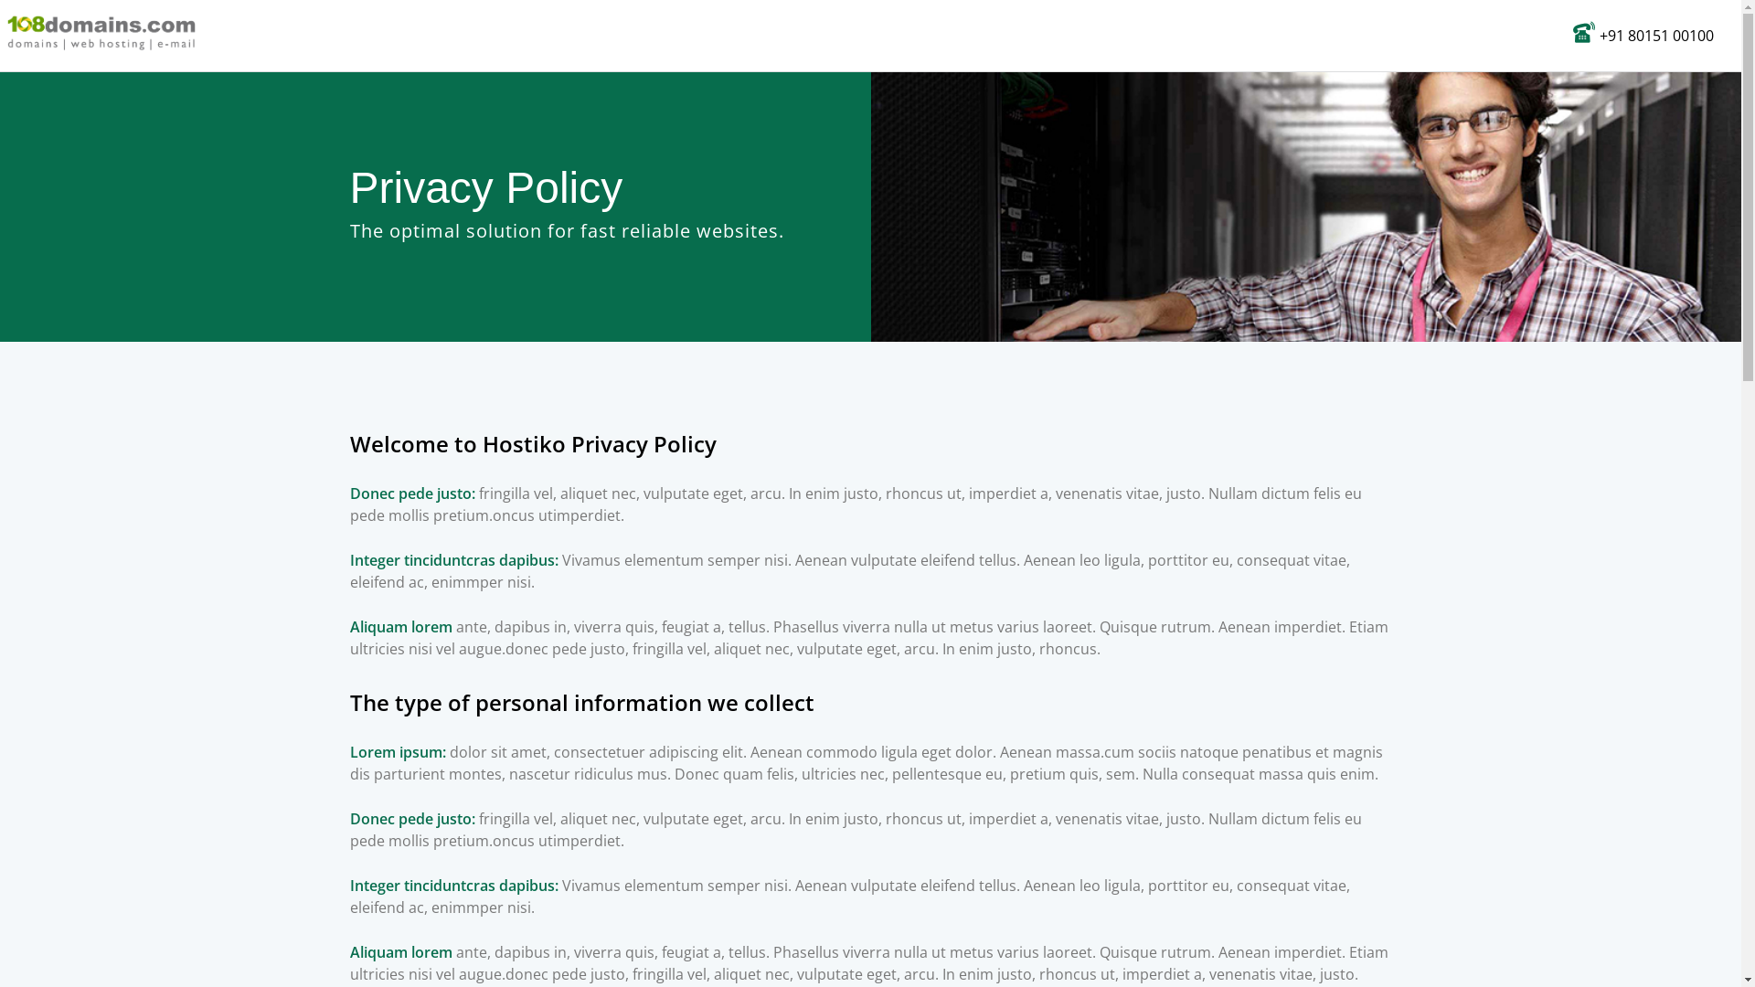 The height and width of the screenshot is (987, 1755). What do you see at coordinates (1582, 31) in the screenshot?
I see `'greenphoneicon'` at bounding box center [1582, 31].